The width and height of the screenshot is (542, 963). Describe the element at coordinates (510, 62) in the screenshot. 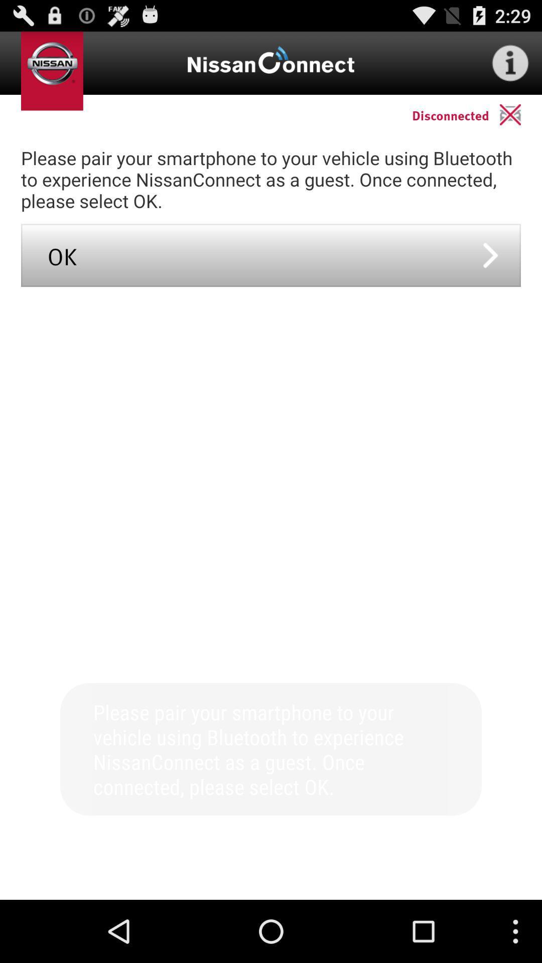

I see `more information` at that location.